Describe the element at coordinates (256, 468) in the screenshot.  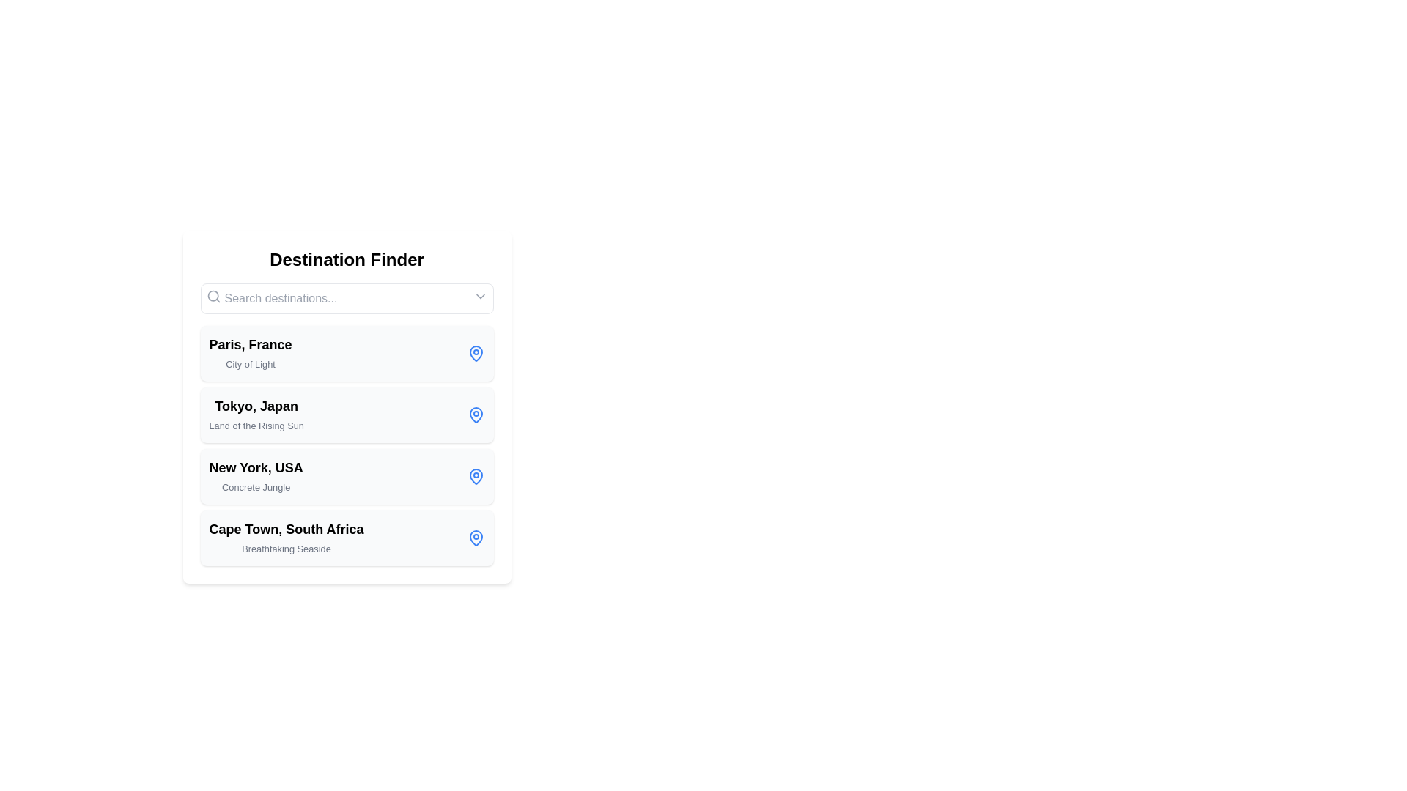
I see `the static text label displaying 'New York, USA', which is the main title of the third list item in the destination finder` at that location.